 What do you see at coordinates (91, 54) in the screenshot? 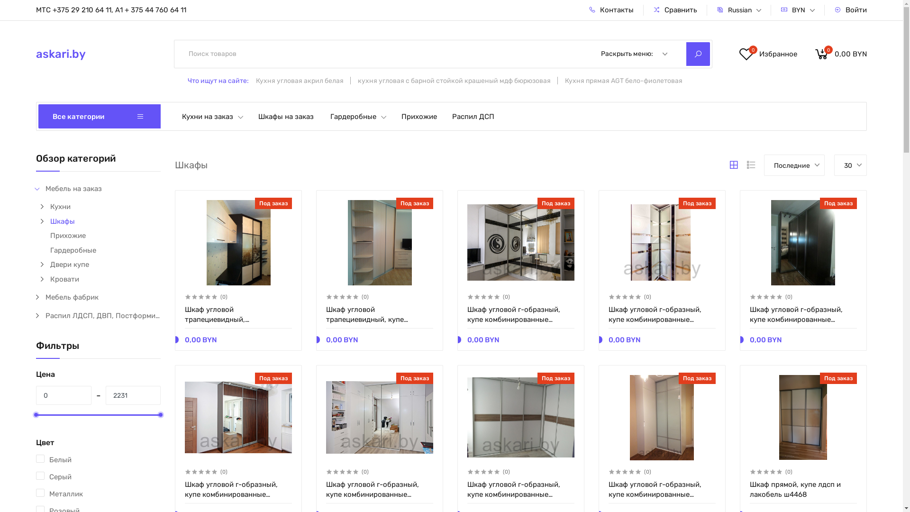
I see `'askari.by'` at bounding box center [91, 54].